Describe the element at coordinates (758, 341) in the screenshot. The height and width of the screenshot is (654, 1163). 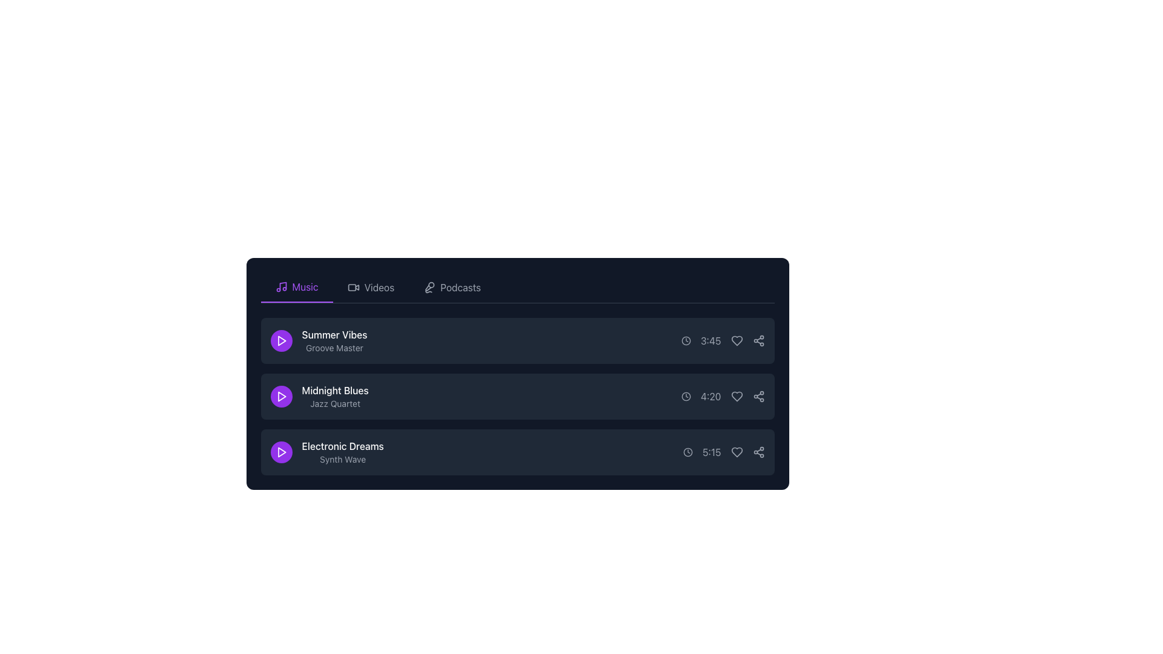
I see `the interactive share icon located at the rightmost side of the 'Summer Vibes' row to share the content` at that location.